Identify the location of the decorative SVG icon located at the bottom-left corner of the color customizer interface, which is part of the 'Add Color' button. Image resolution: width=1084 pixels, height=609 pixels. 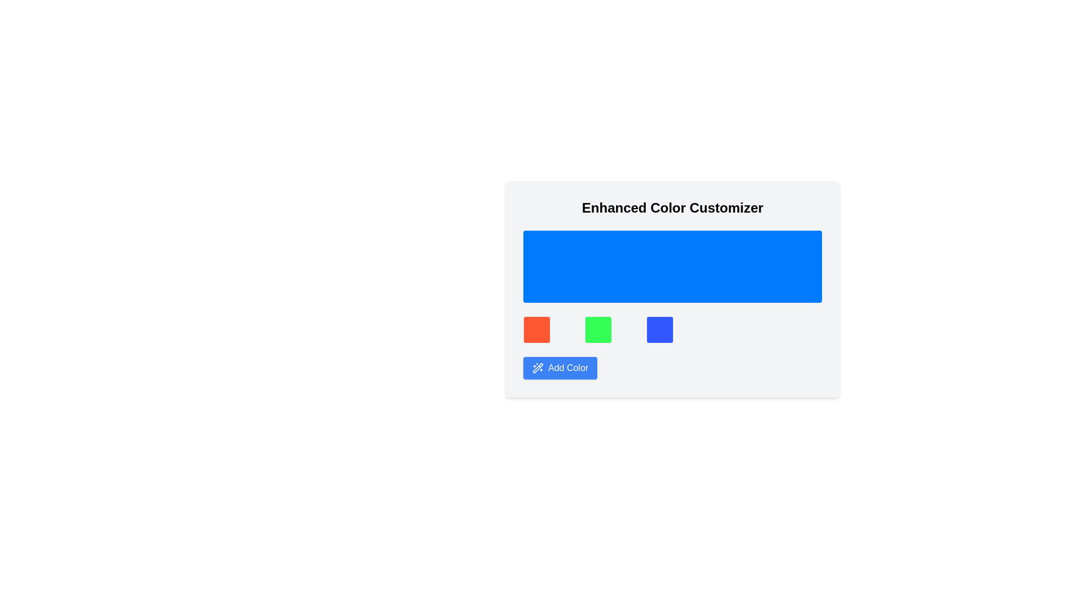
(537, 368).